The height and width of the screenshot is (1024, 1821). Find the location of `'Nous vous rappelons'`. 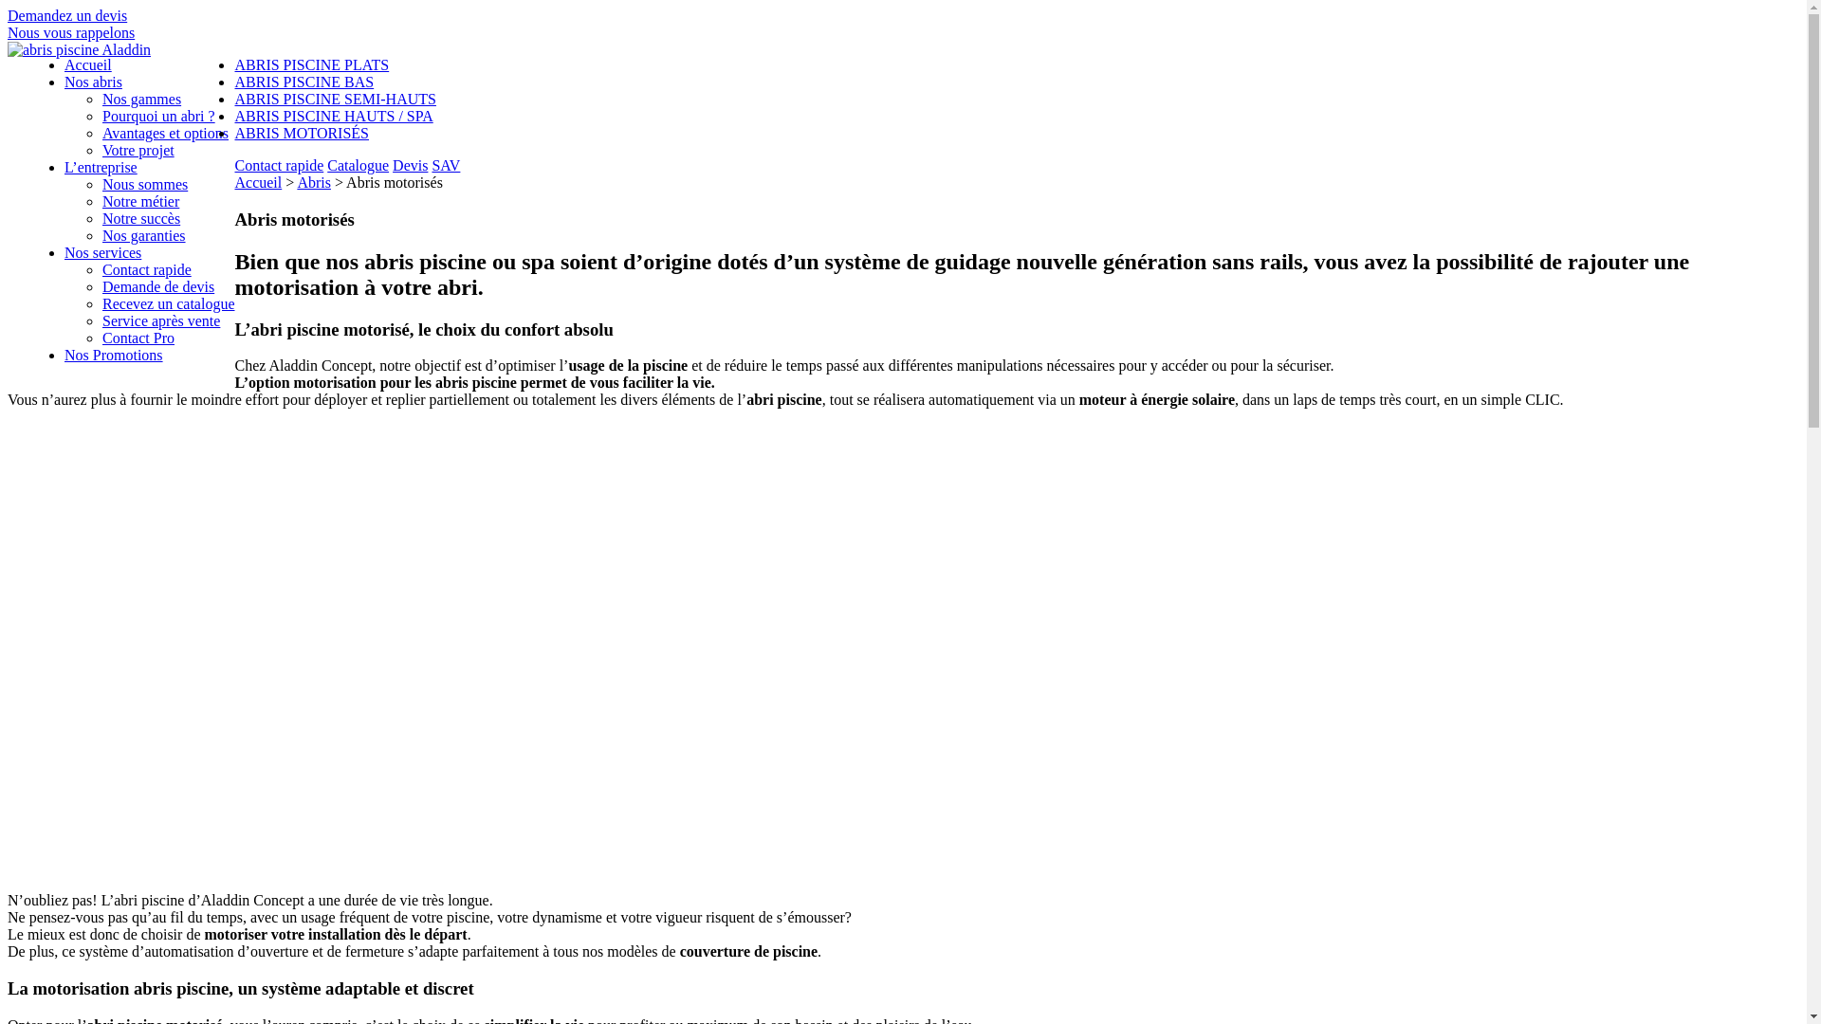

'Nous vous rappelons' is located at coordinates (71, 32).